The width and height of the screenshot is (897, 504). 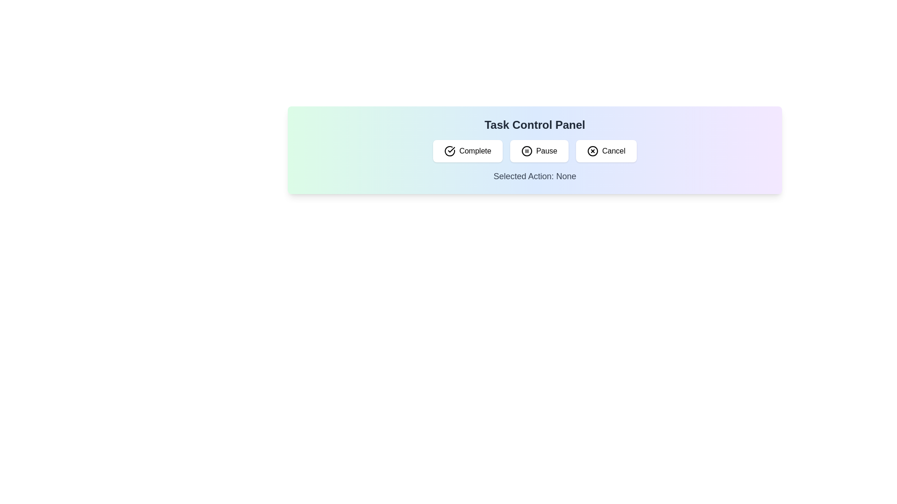 I want to click on the 'Pause' button which contains a circular pause icon with two vertical bars inside it, so click(x=527, y=151).